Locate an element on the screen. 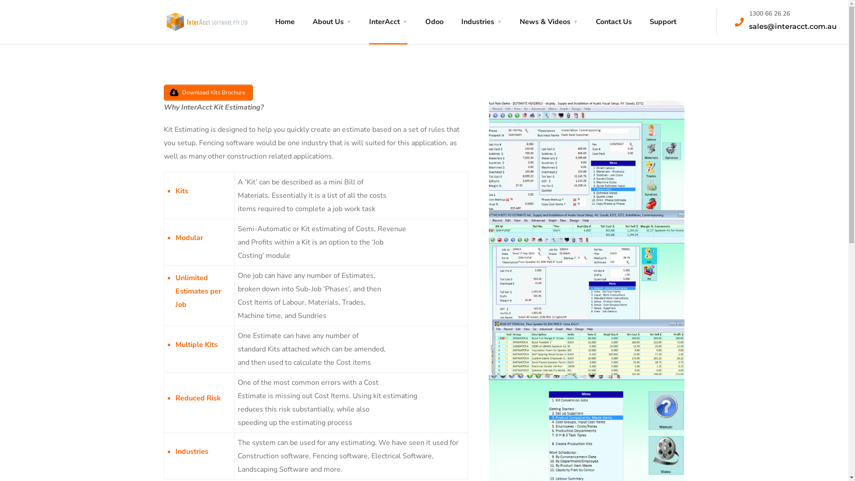 The height and width of the screenshot is (481, 855). 'News & Videos' is located at coordinates (548, 21).